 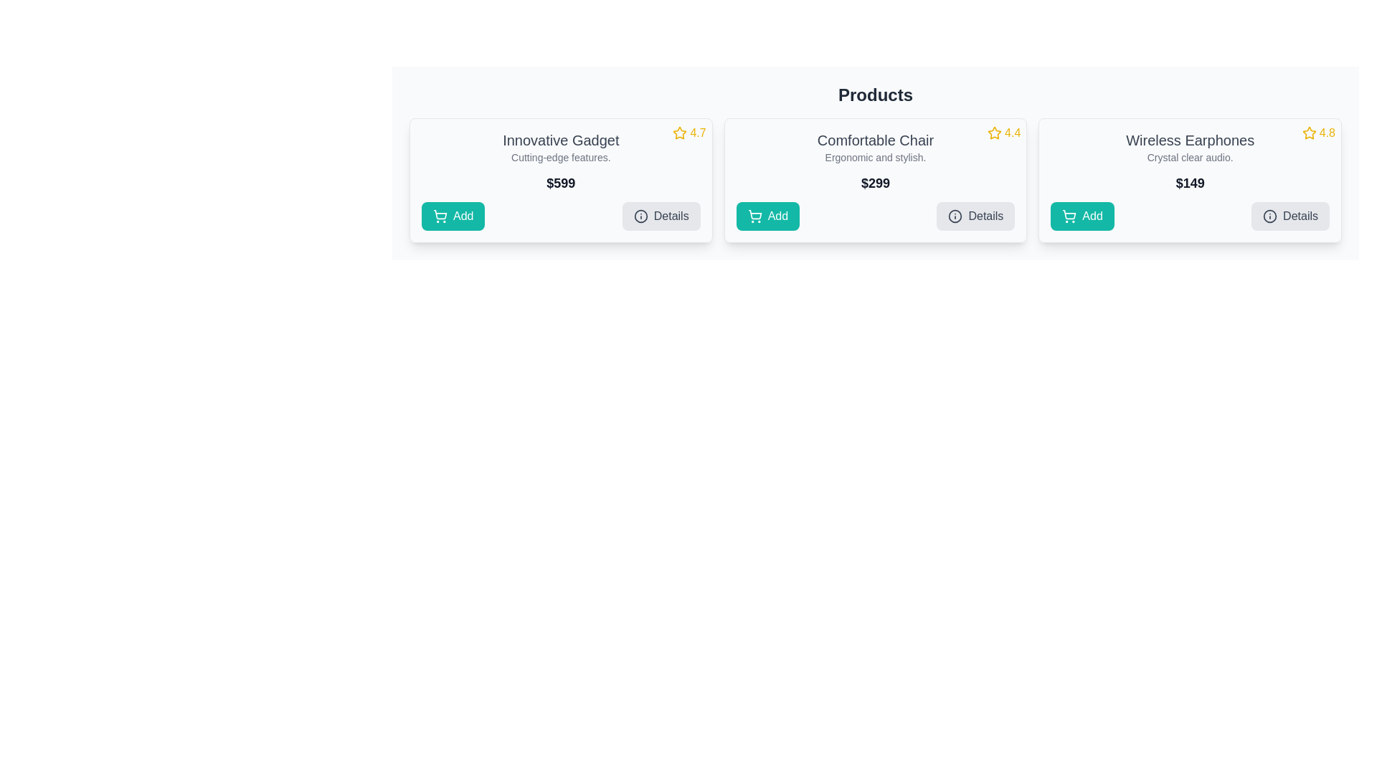 I want to click on the text label displaying 'Ergonomic and stylish.' which is styled in a small, gray font and located beneath the 'Comfortable Chair' title, so click(x=874, y=157).